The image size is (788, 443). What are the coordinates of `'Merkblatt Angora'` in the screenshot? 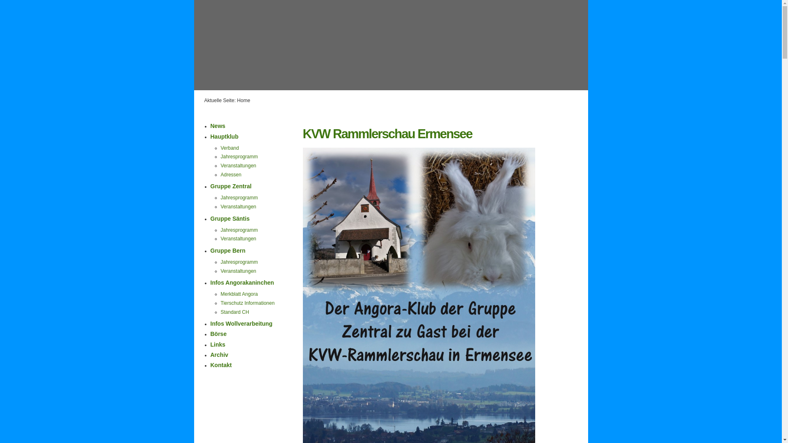 It's located at (239, 294).